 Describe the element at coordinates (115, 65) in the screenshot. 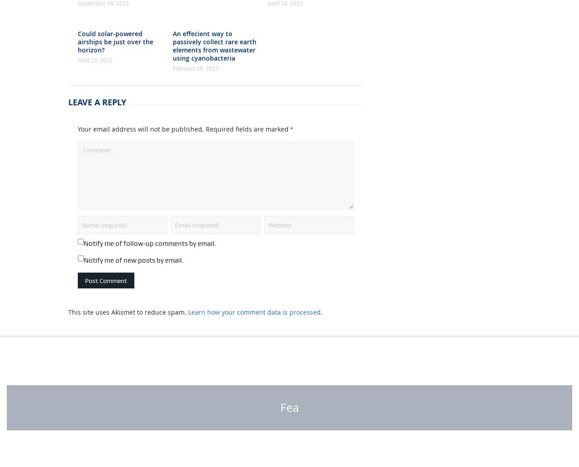

I see `'Could solar-powered airships be just over the horizon?'` at that location.